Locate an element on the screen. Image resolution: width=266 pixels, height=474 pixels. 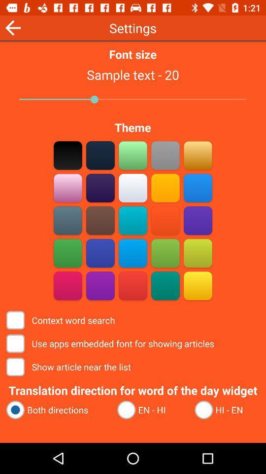
change theme color to dark blue is located at coordinates (100, 253).